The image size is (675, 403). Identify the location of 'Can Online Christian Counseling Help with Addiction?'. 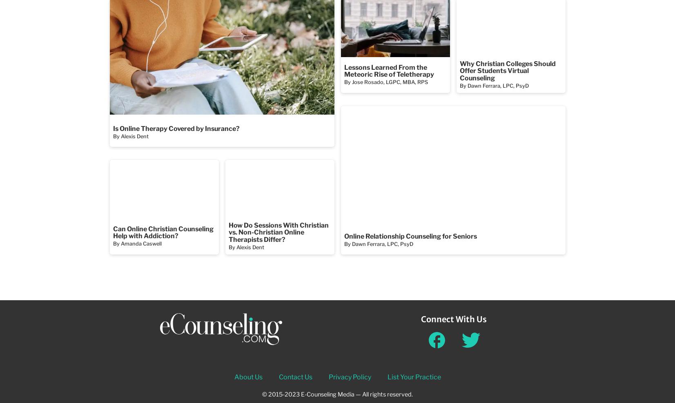
(163, 232).